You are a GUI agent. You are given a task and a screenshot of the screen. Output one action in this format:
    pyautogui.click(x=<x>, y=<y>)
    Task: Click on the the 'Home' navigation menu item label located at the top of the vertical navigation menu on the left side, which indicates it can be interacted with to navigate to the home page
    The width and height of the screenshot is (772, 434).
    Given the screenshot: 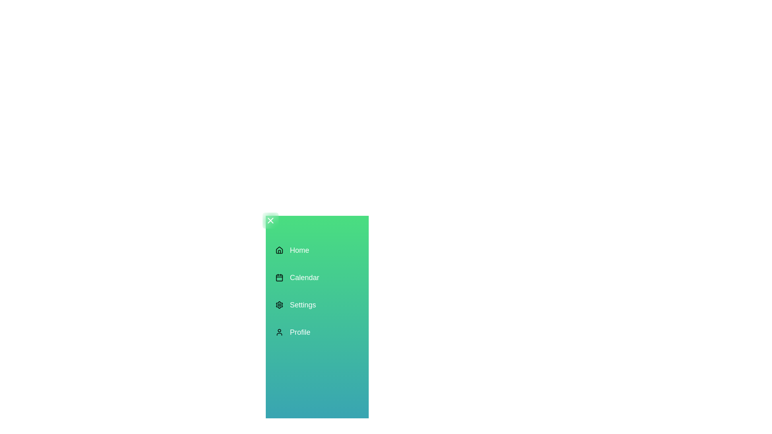 What is the action you would take?
    pyautogui.click(x=299, y=250)
    